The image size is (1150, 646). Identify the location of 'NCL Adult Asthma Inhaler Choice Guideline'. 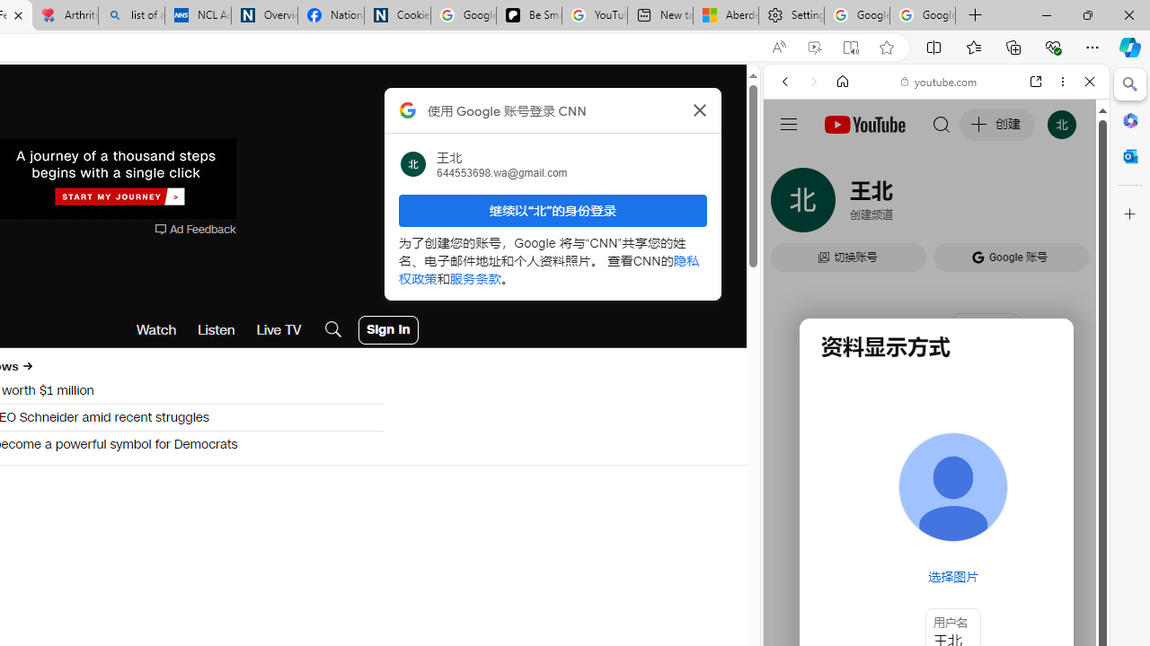
(198, 15).